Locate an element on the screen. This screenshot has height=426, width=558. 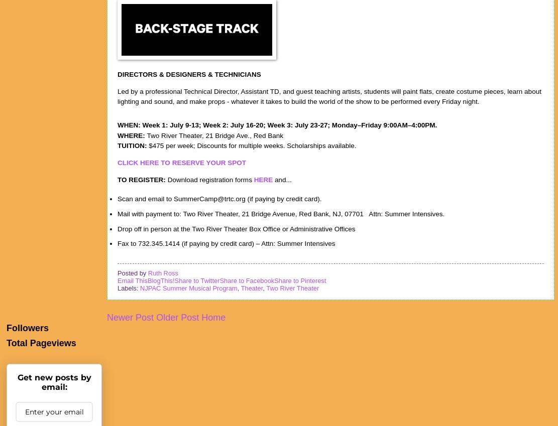
'Two River Theater, 21 Bridge Ave., Red Bank' is located at coordinates (214, 135).